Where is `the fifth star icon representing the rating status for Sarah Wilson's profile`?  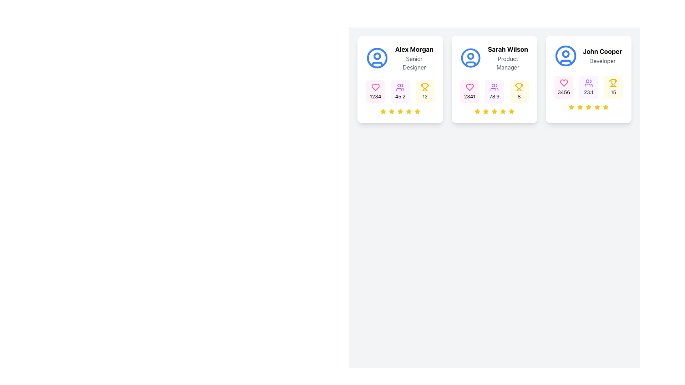
the fifth star icon representing the rating status for Sarah Wilson's profile is located at coordinates (511, 111).